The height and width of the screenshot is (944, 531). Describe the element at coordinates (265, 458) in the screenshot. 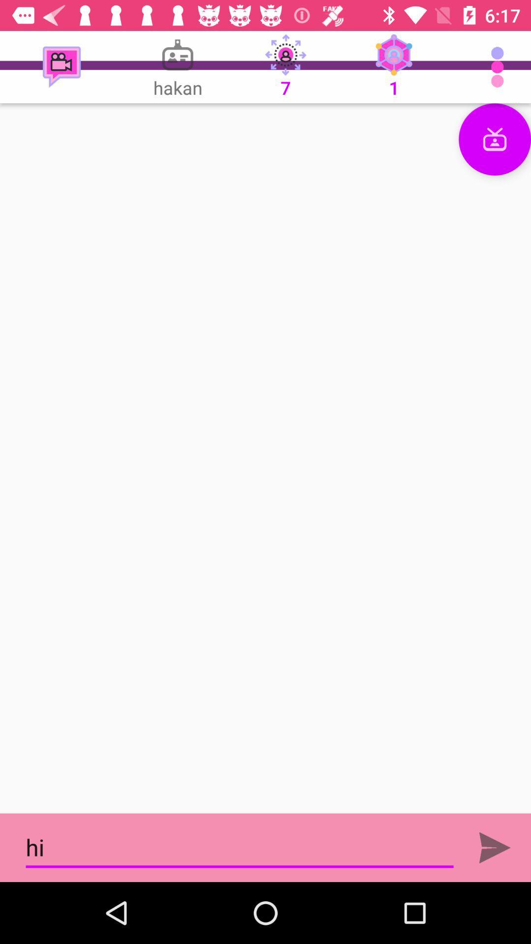

I see `the video` at that location.